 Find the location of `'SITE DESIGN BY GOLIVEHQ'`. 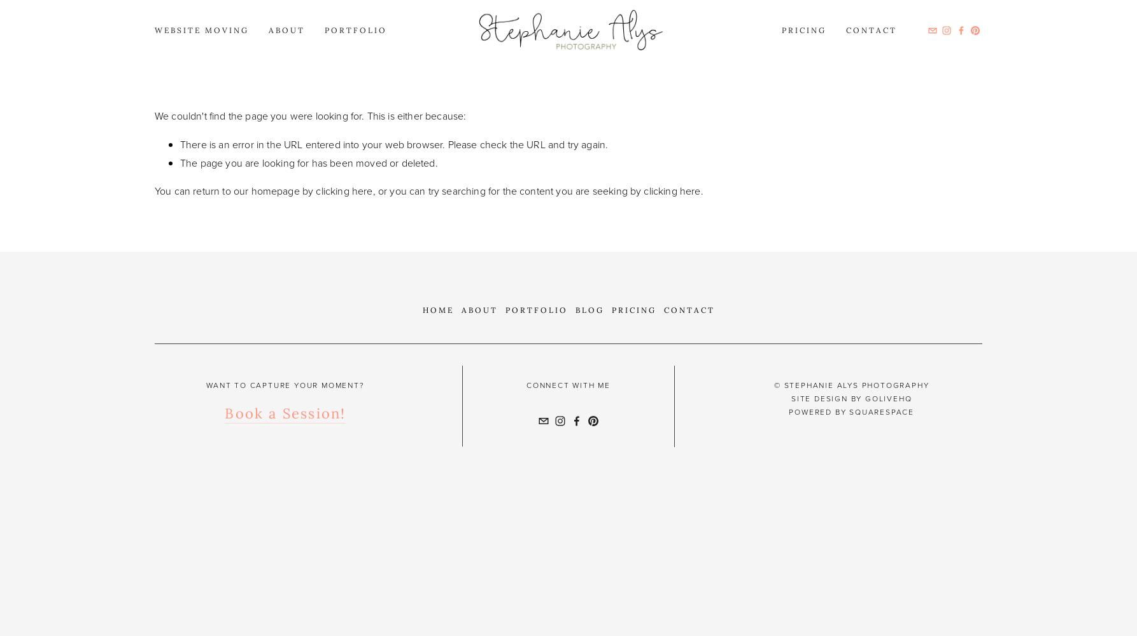

'SITE DESIGN BY GOLIVEHQ' is located at coordinates (790, 399).